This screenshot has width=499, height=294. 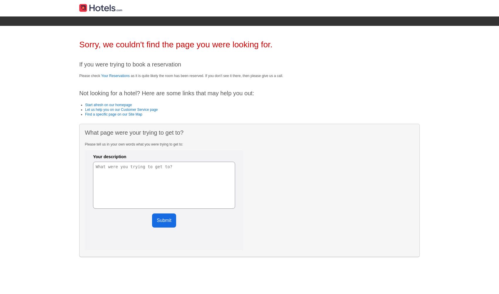 What do you see at coordinates (130, 64) in the screenshot?
I see `'If you were trying to book a reservation'` at bounding box center [130, 64].